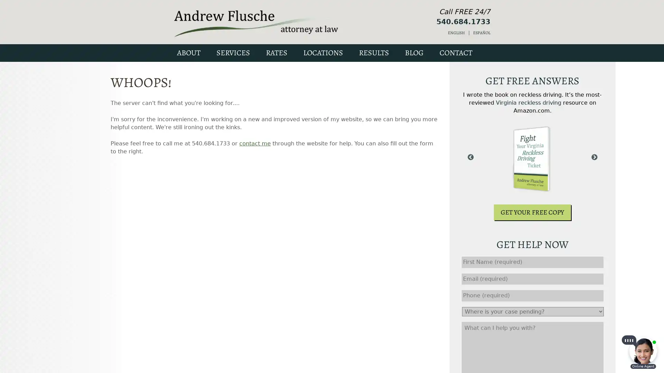 The width and height of the screenshot is (664, 373). I want to click on Next, so click(594, 157).